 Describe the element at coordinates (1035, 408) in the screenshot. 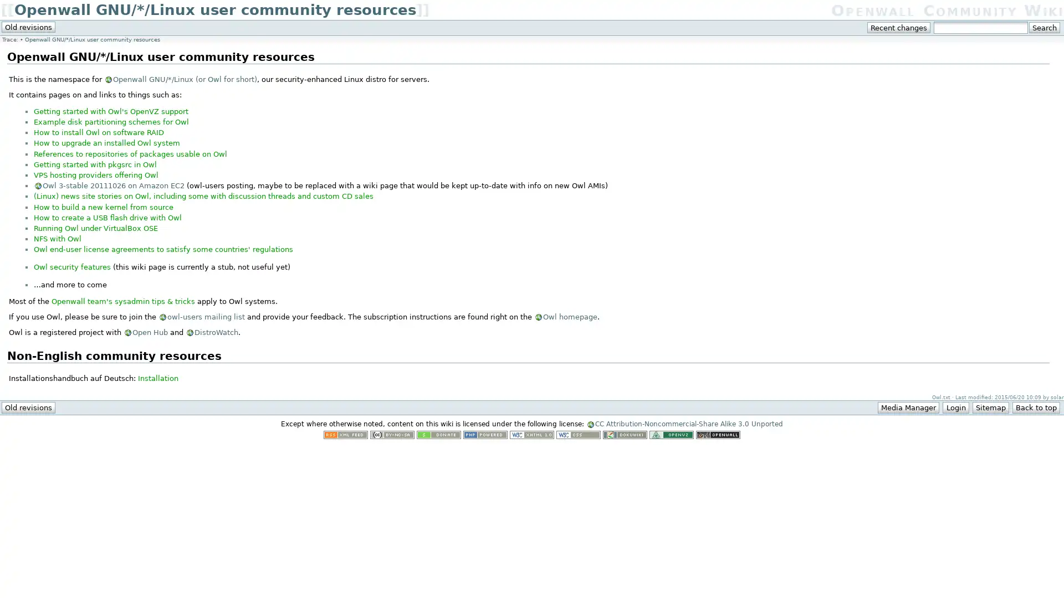

I see `Back to top` at that location.